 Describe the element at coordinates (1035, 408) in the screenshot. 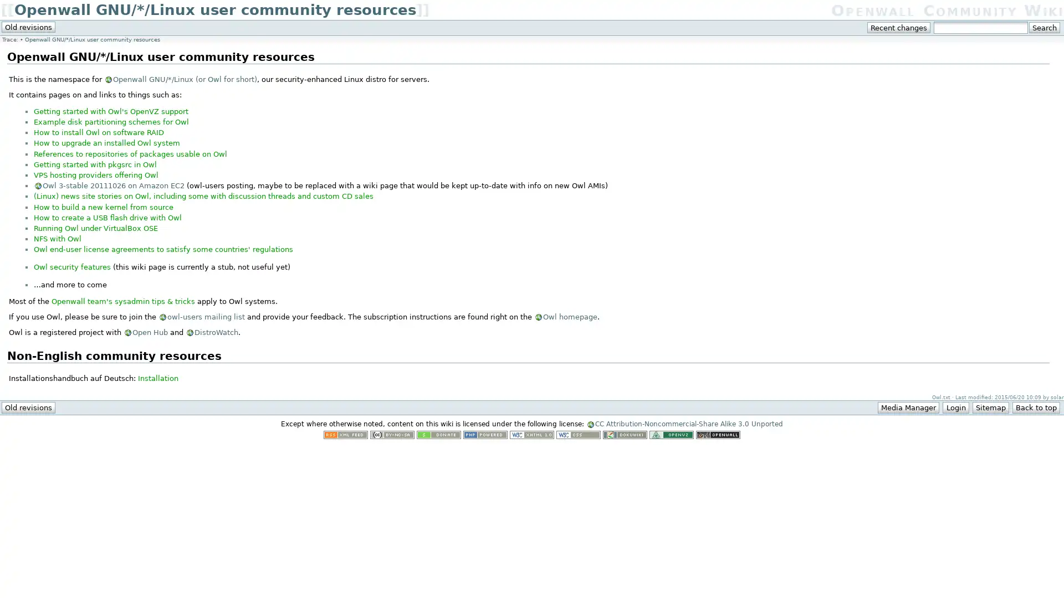

I see `Back to top` at that location.